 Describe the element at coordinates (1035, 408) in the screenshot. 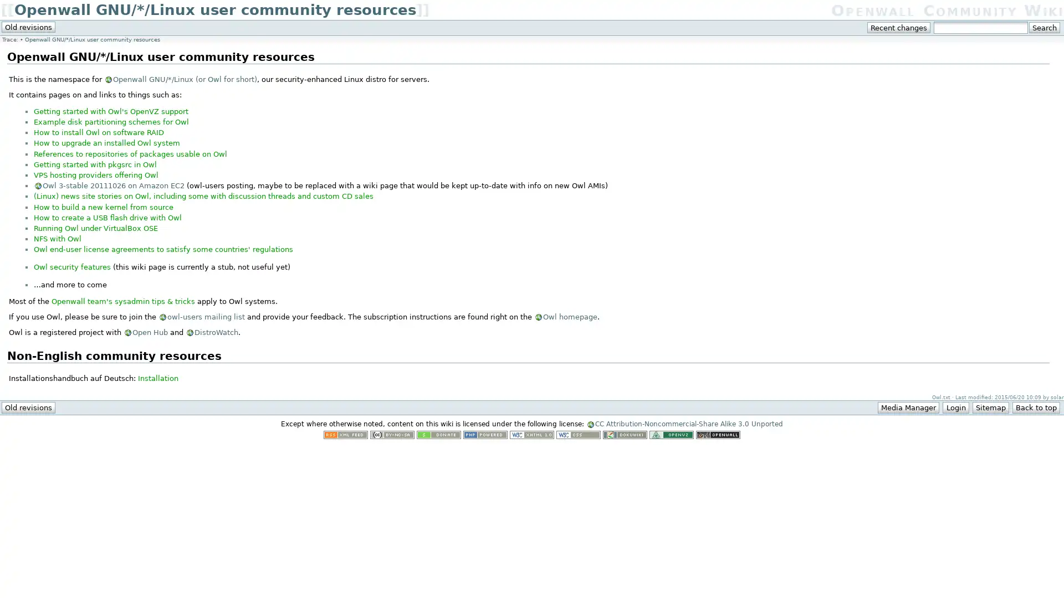

I see `Back to top` at that location.